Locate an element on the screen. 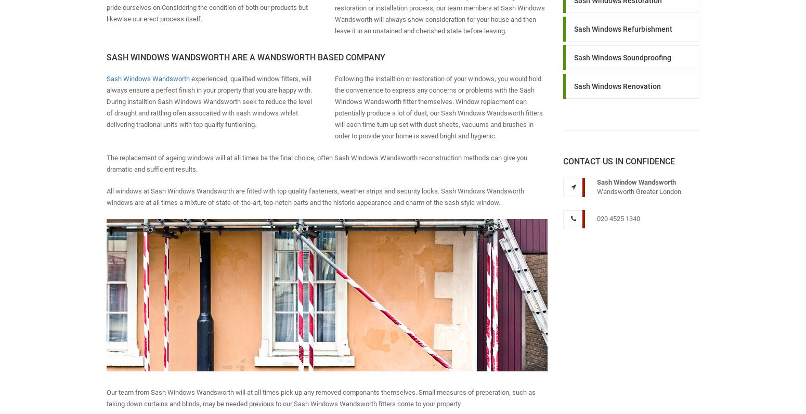 This screenshot has height=414, width=806. 'Our team from Sash Windows Wandsworth will at all times pick up any removed componants themselves. Small measures of preperation, such as taking down curtains and blinds, may be needed previous to our Sash Windows Wandsworth fitters come to your property.' is located at coordinates (321, 398).